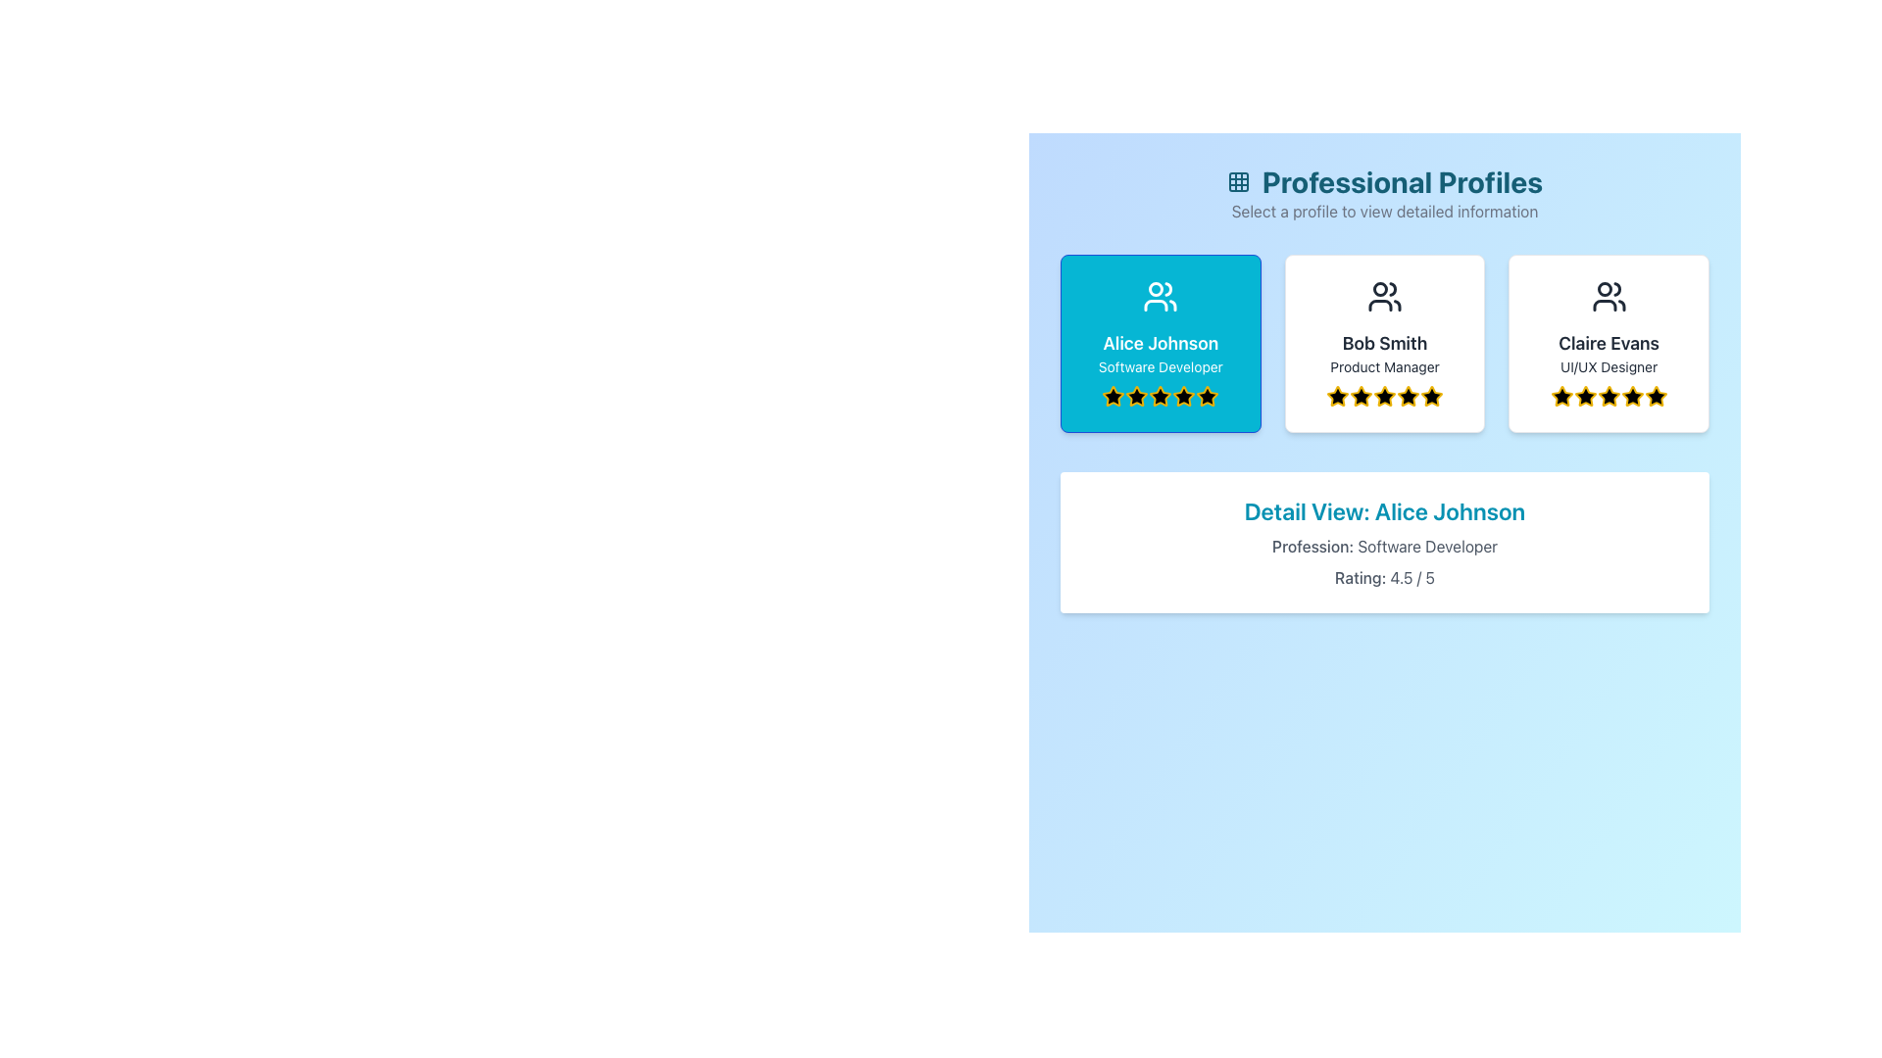 Image resolution: width=1882 pixels, height=1058 pixels. What do you see at coordinates (1383, 343) in the screenshot?
I see `the 'Bob Smith' text label which is styled in bold and centered alignment, located at the top of the profile card within a three-column layout of professional profiles` at bounding box center [1383, 343].